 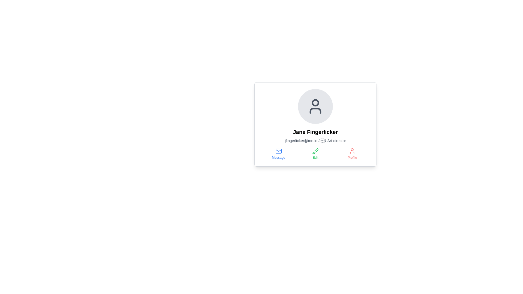 I want to click on the 'Edit' text label, which is styled in green and located below the green brush icon in the user profile card interface, so click(x=315, y=157).